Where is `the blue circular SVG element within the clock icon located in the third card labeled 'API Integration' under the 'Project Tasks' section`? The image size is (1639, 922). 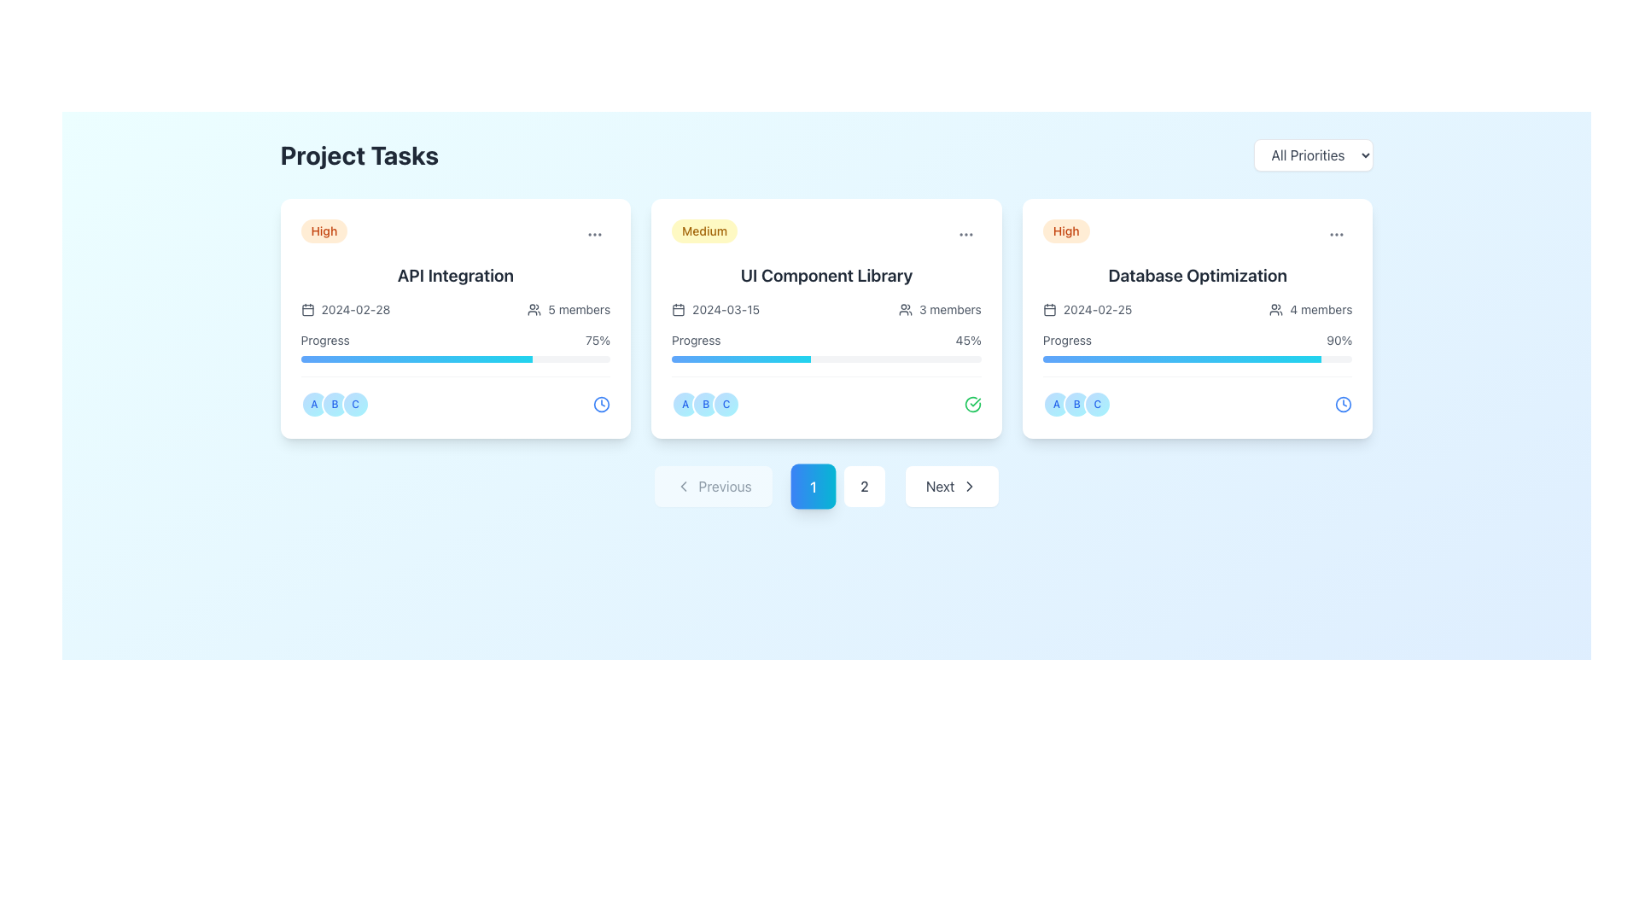
the blue circular SVG element within the clock icon located in the third card labeled 'API Integration' under the 'Project Tasks' section is located at coordinates (602, 405).